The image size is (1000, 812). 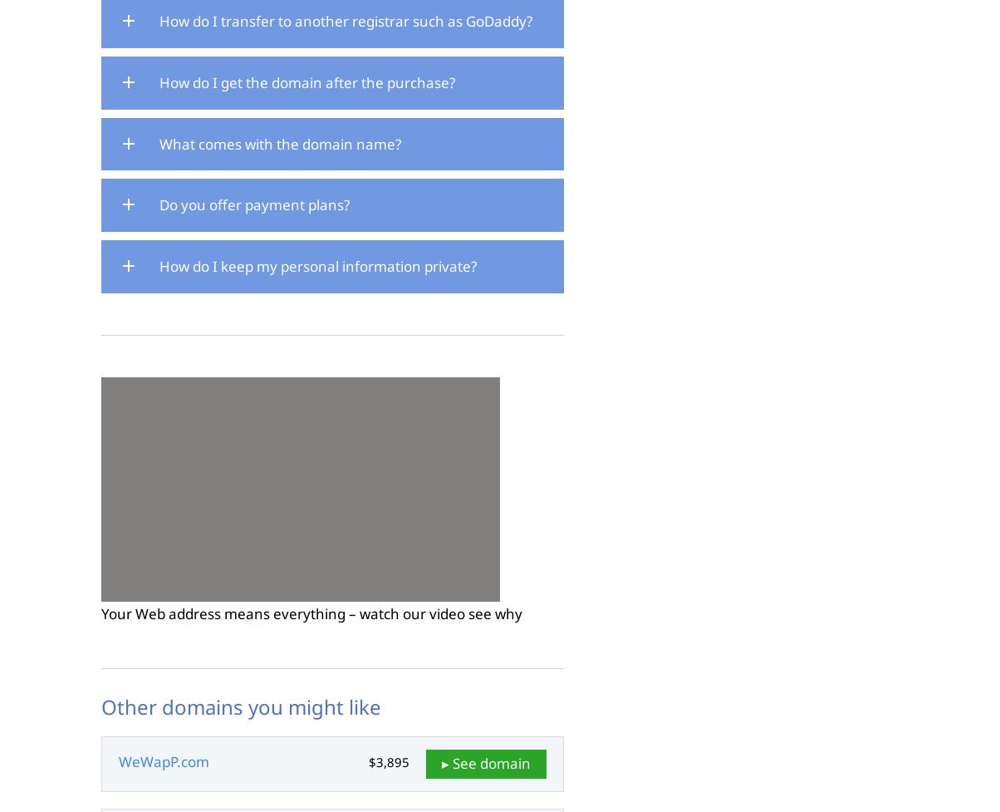 I want to click on 'Do you offer payment plans?', so click(x=254, y=204).